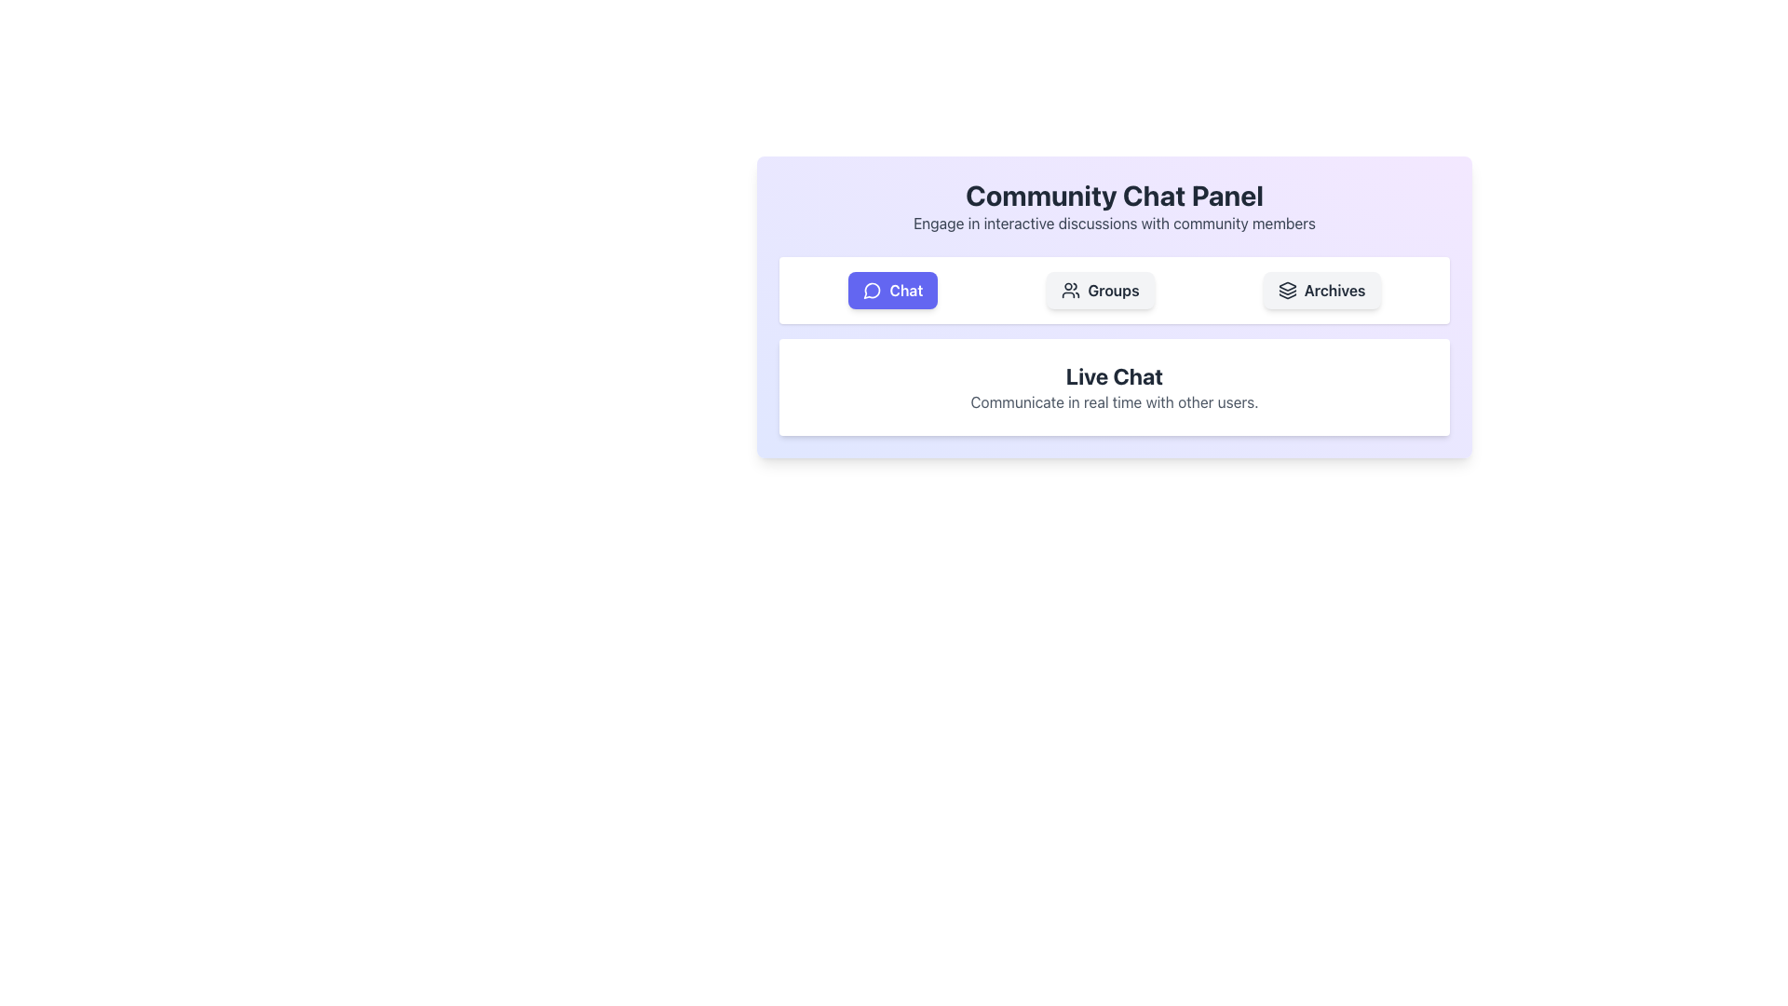 The height and width of the screenshot is (1006, 1788). I want to click on the circular chat bubble icon located within the 'Chat' button, which is outlined with a bold stroke and positioned to the left of the button's text, so click(872, 291).